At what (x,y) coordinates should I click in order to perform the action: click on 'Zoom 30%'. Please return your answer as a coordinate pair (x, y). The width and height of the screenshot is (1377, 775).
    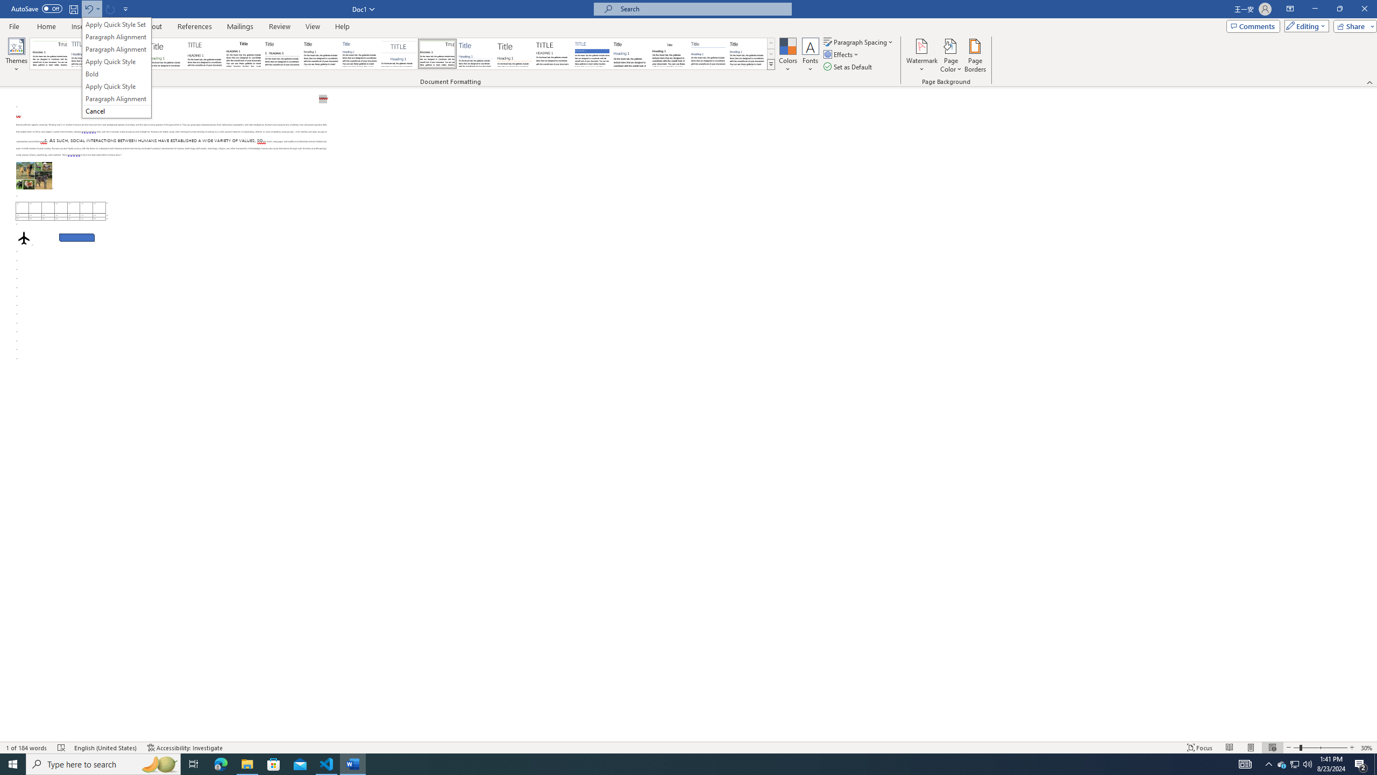
    Looking at the image, I should click on (1367, 748).